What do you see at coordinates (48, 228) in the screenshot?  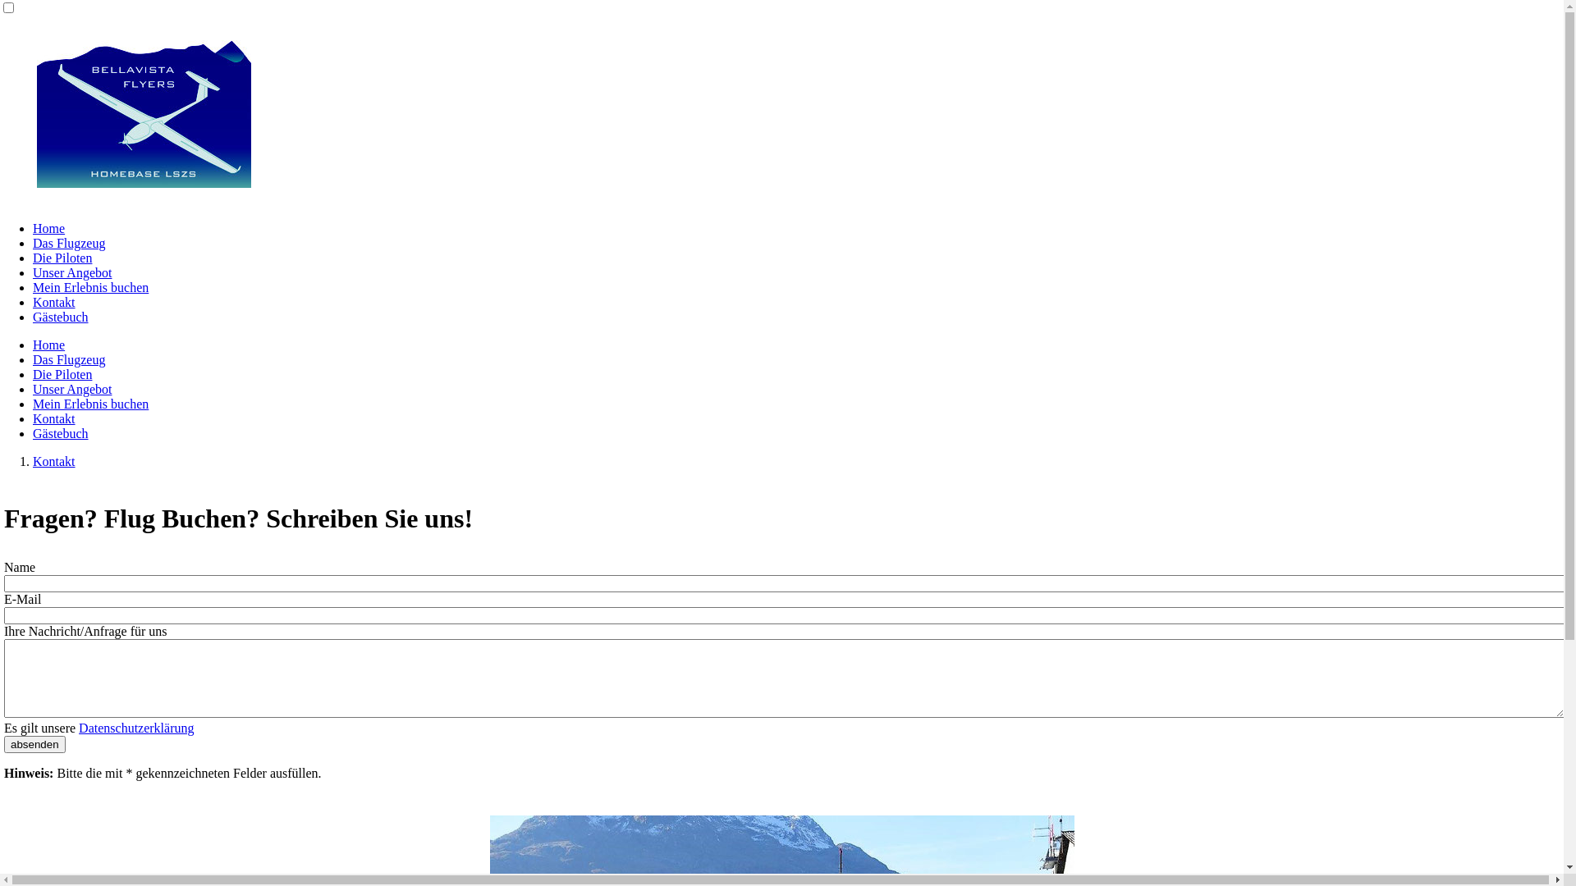 I see `'Home'` at bounding box center [48, 228].